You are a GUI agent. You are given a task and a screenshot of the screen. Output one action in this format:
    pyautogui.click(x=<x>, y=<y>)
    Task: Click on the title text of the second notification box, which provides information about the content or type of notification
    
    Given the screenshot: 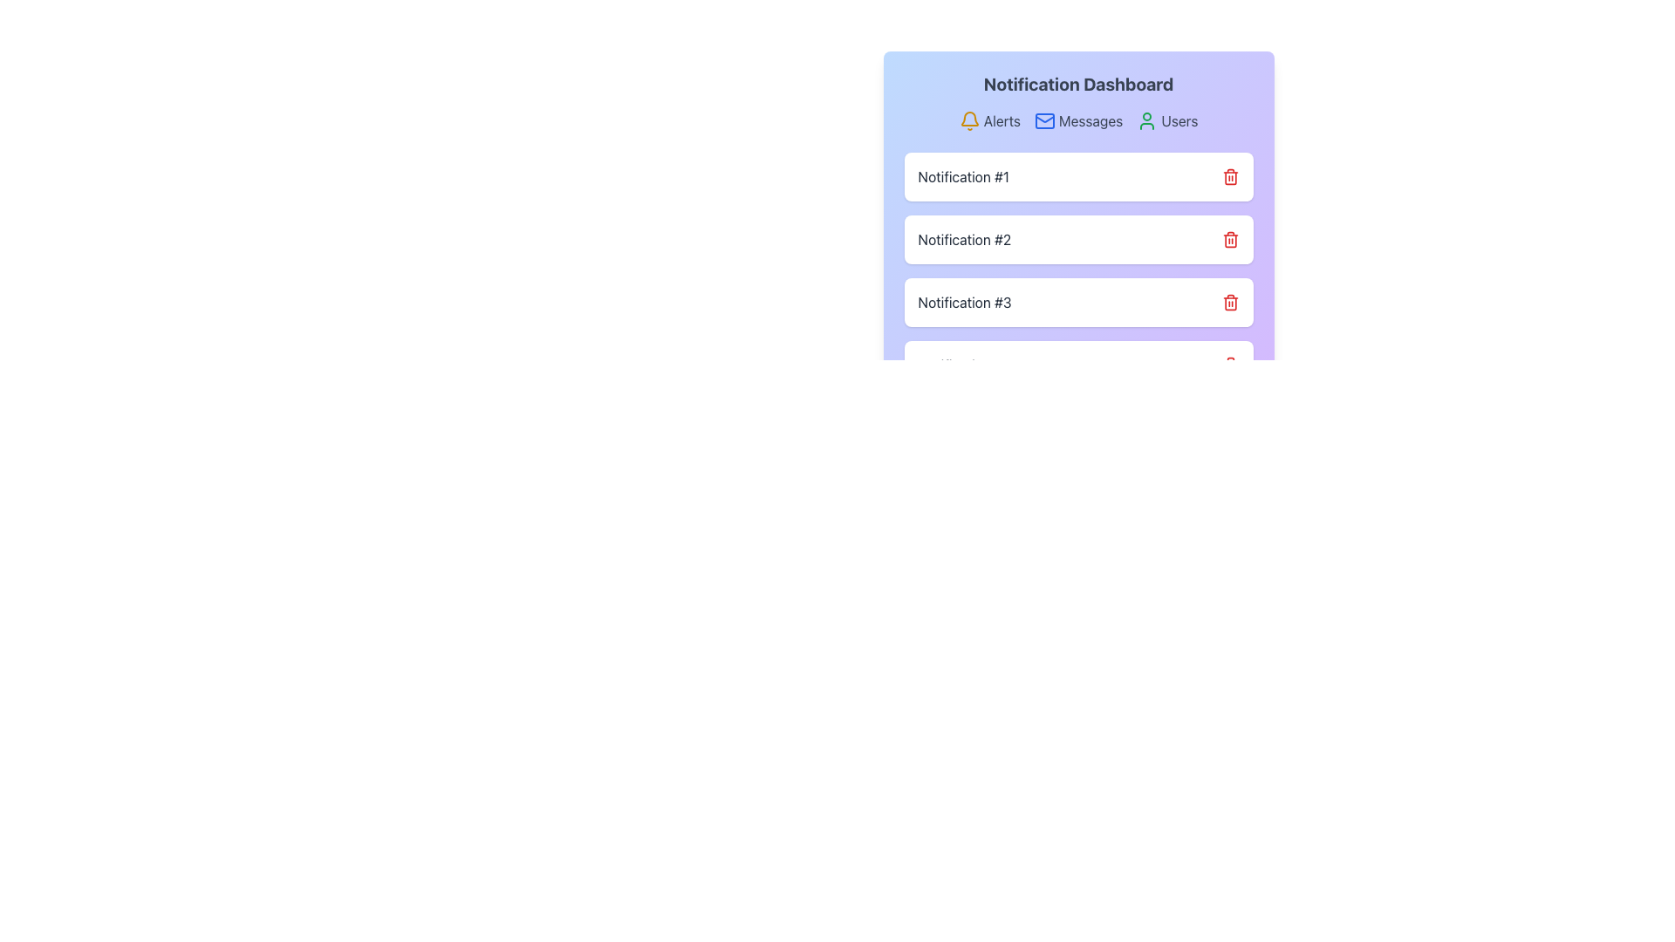 What is the action you would take?
    pyautogui.click(x=963, y=239)
    